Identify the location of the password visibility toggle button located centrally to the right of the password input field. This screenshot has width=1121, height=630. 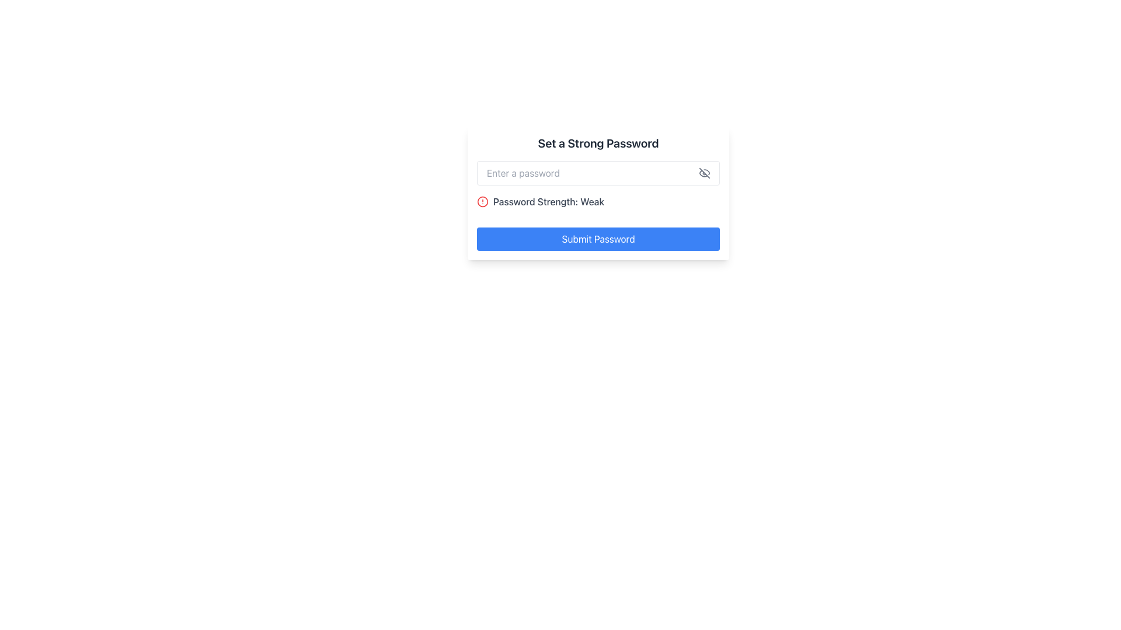
(704, 173).